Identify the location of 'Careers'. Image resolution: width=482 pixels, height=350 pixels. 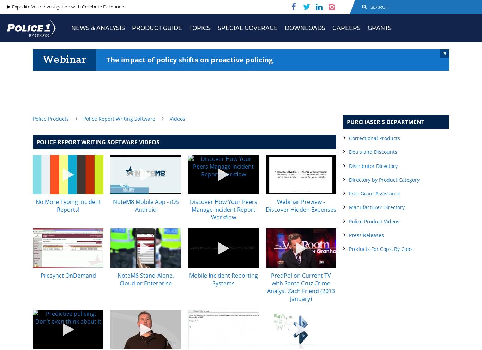
(332, 28).